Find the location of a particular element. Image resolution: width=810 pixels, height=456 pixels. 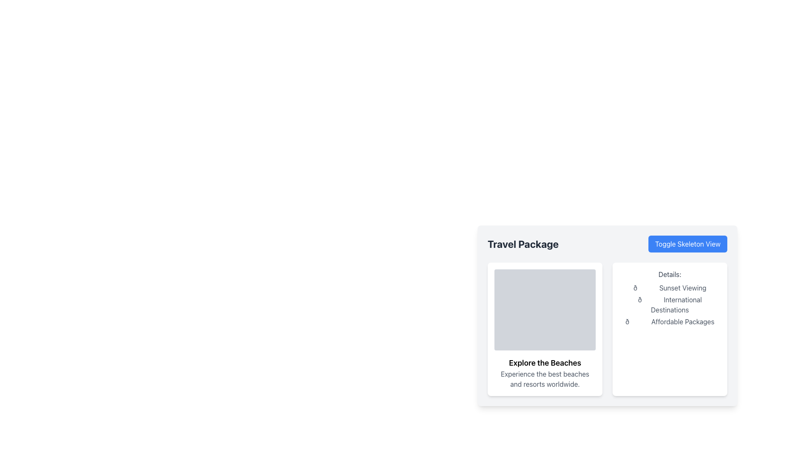

the 'Toggle Skeleton View' button, which is part of the 'Travel Package' composite element is located at coordinates (607, 244).